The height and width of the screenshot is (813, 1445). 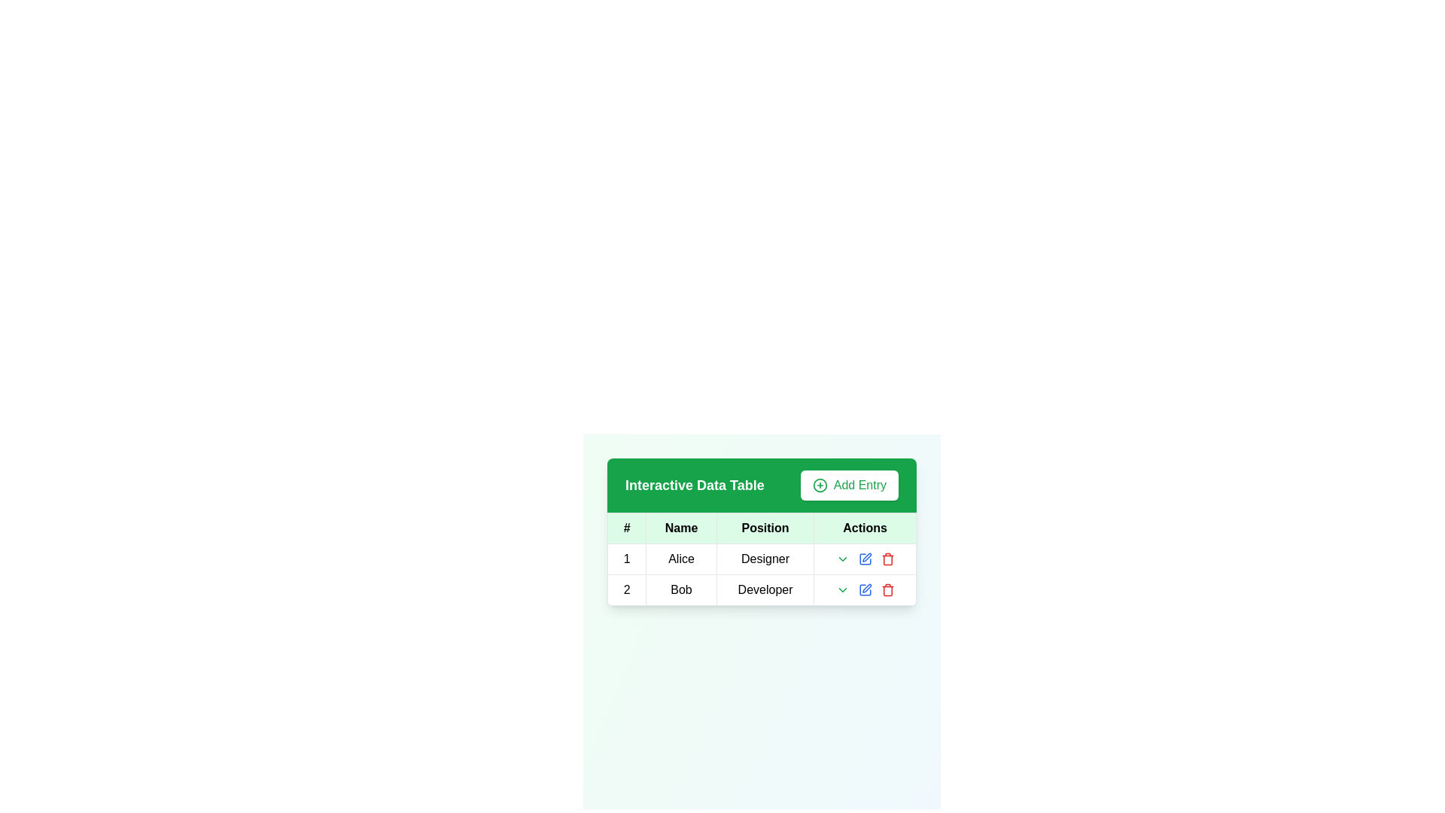 I want to click on the blue pencil icon button in the Actions column of the second row to initiate the editing action for the entry labeled 'Bob', so click(x=865, y=559).